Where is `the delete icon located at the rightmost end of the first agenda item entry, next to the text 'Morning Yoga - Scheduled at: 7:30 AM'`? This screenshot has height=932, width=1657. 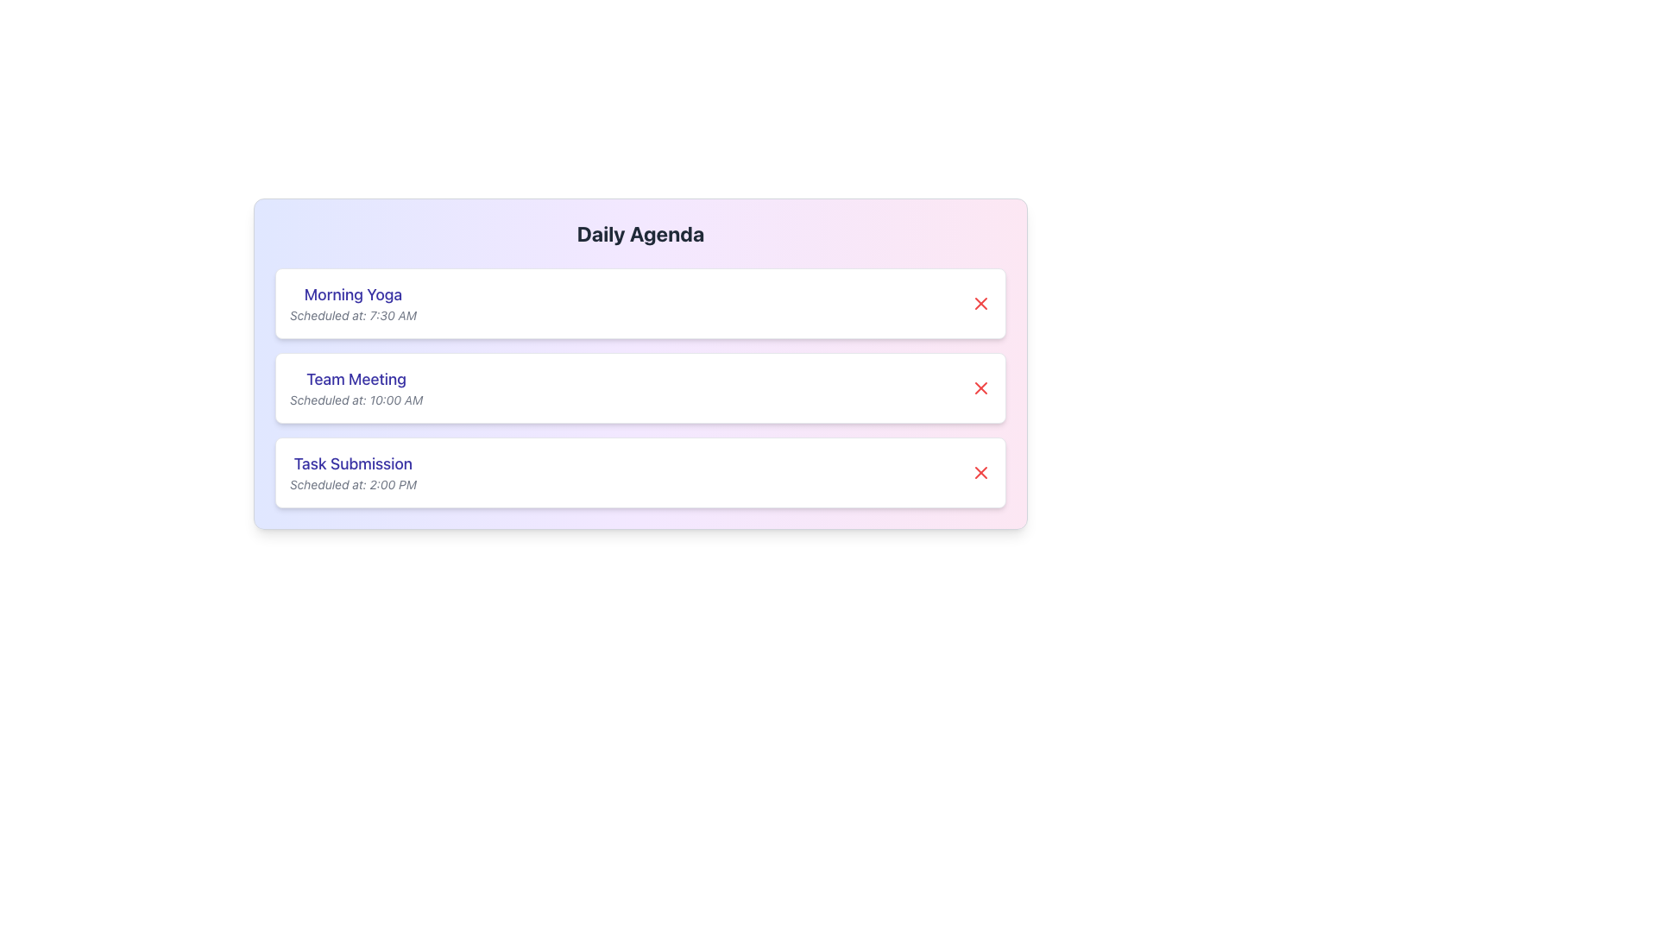
the delete icon located at the rightmost end of the first agenda item entry, next to the text 'Morning Yoga - Scheduled at: 7:30 AM' is located at coordinates (981, 302).